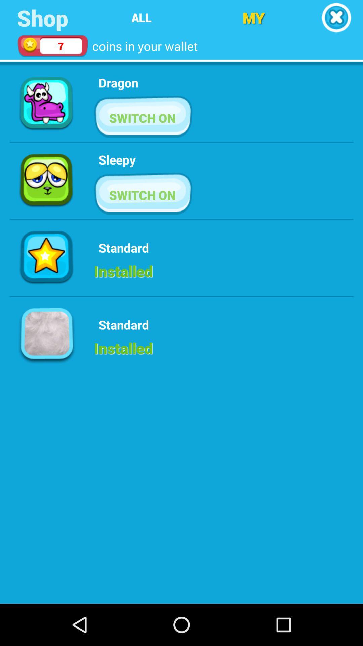 This screenshot has width=363, height=646. What do you see at coordinates (117, 159) in the screenshot?
I see `sleepy icon` at bounding box center [117, 159].